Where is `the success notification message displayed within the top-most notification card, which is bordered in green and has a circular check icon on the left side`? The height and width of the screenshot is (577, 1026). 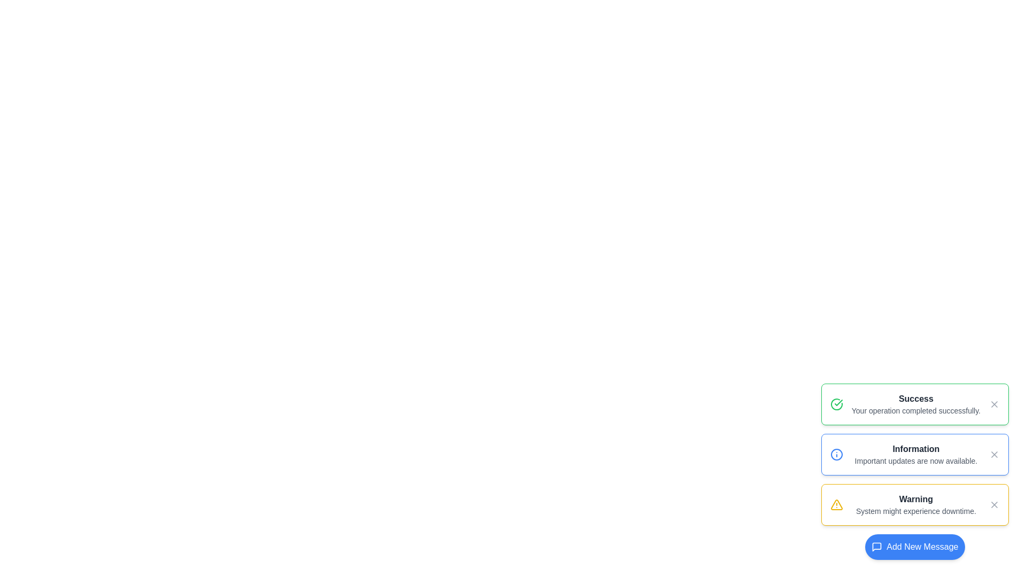
the success notification message displayed within the top-most notification card, which is bordered in green and has a circular check icon on the left side is located at coordinates (915, 404).